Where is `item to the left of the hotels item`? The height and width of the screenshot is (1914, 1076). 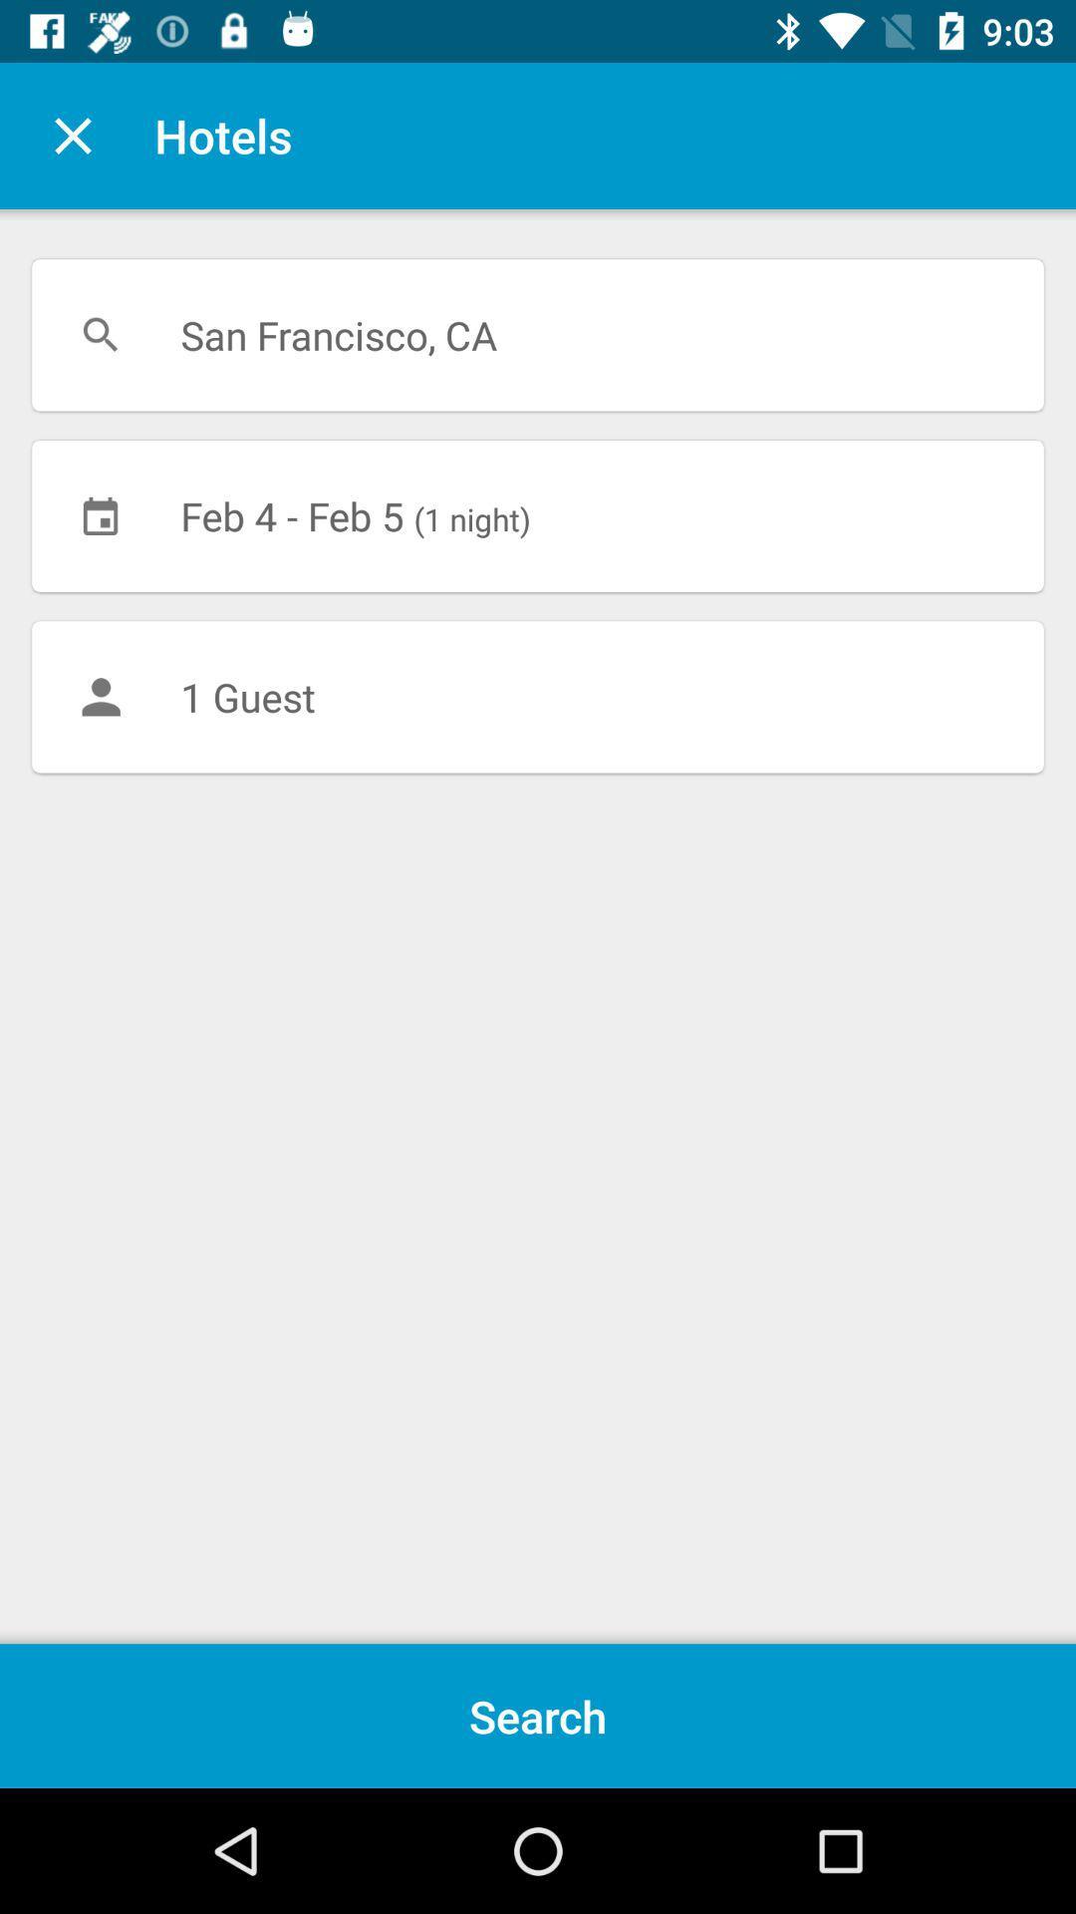 item to the left of the hotels item is located at coordinates (72, 135).